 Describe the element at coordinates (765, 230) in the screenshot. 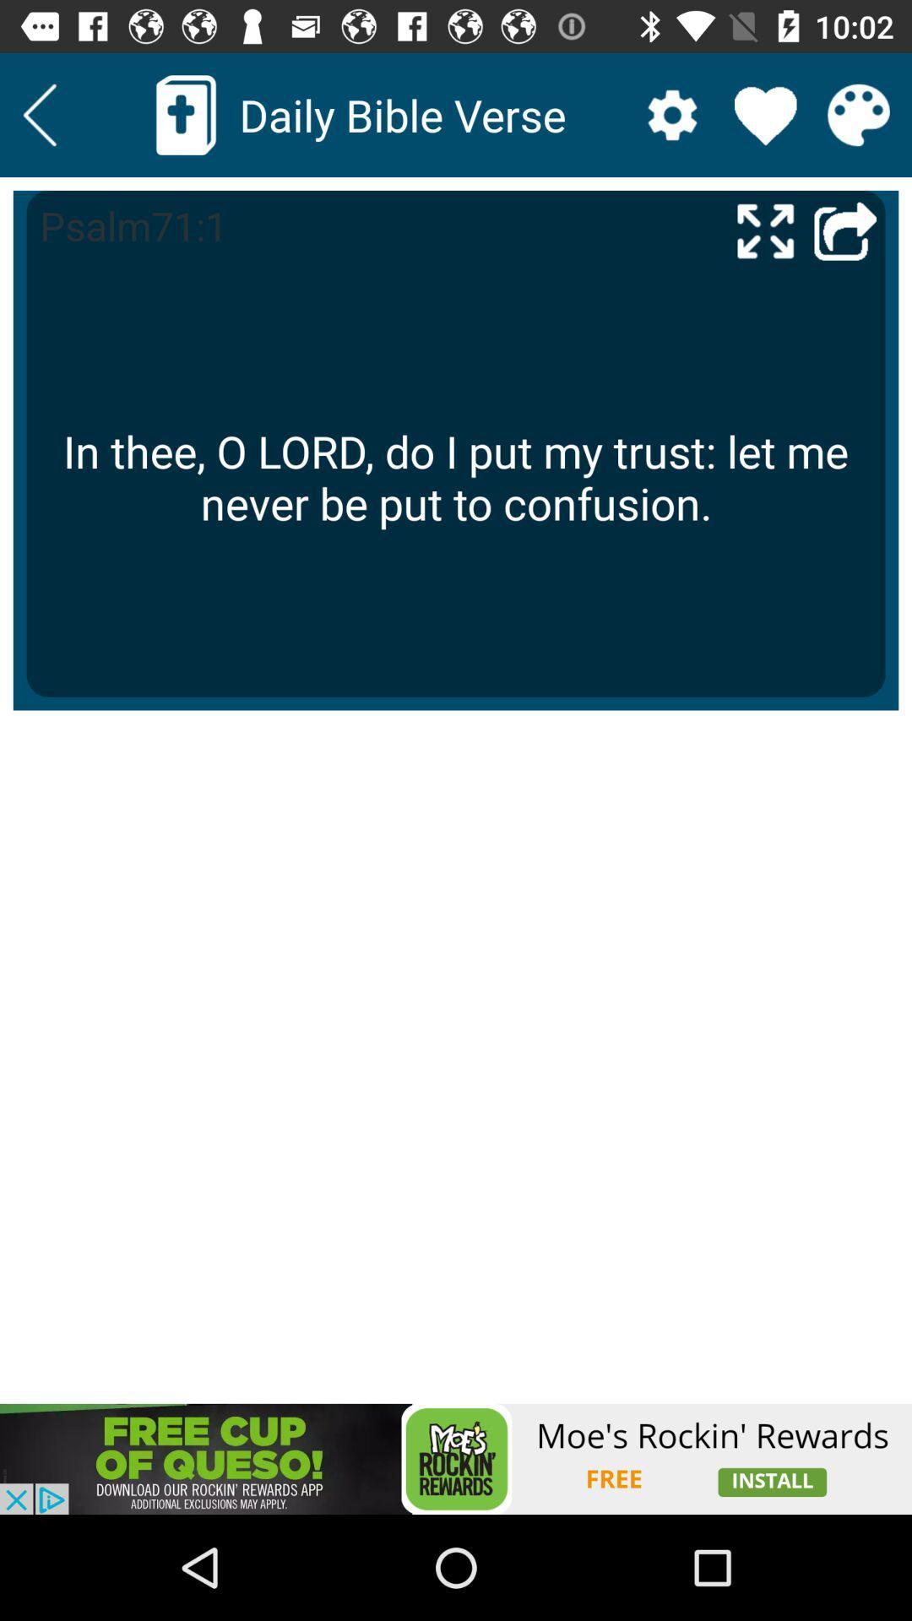

I see `make fullscreen` at that location.